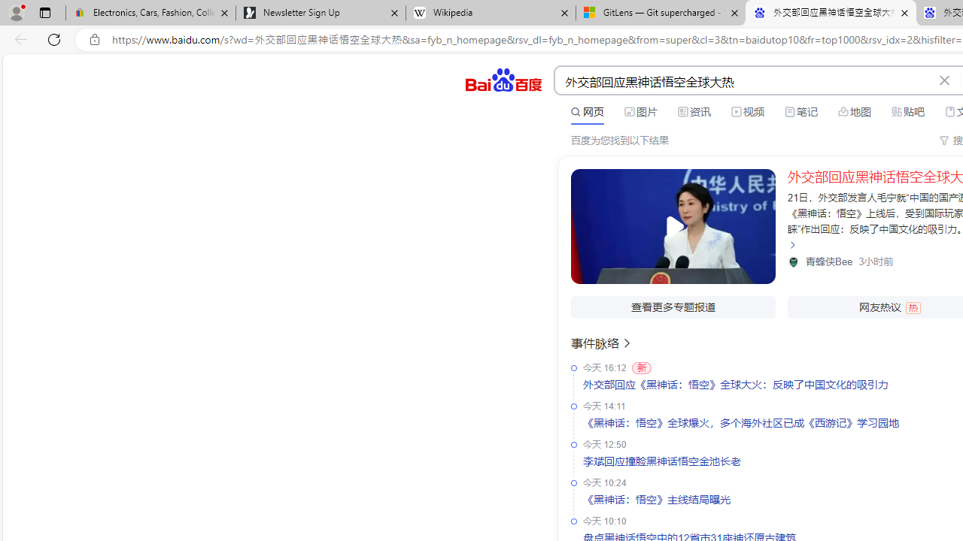  What do you see at coordinates (491, 13) in the screenshot?
I see `'Wikipedia'` at bounding box center [491, 13].